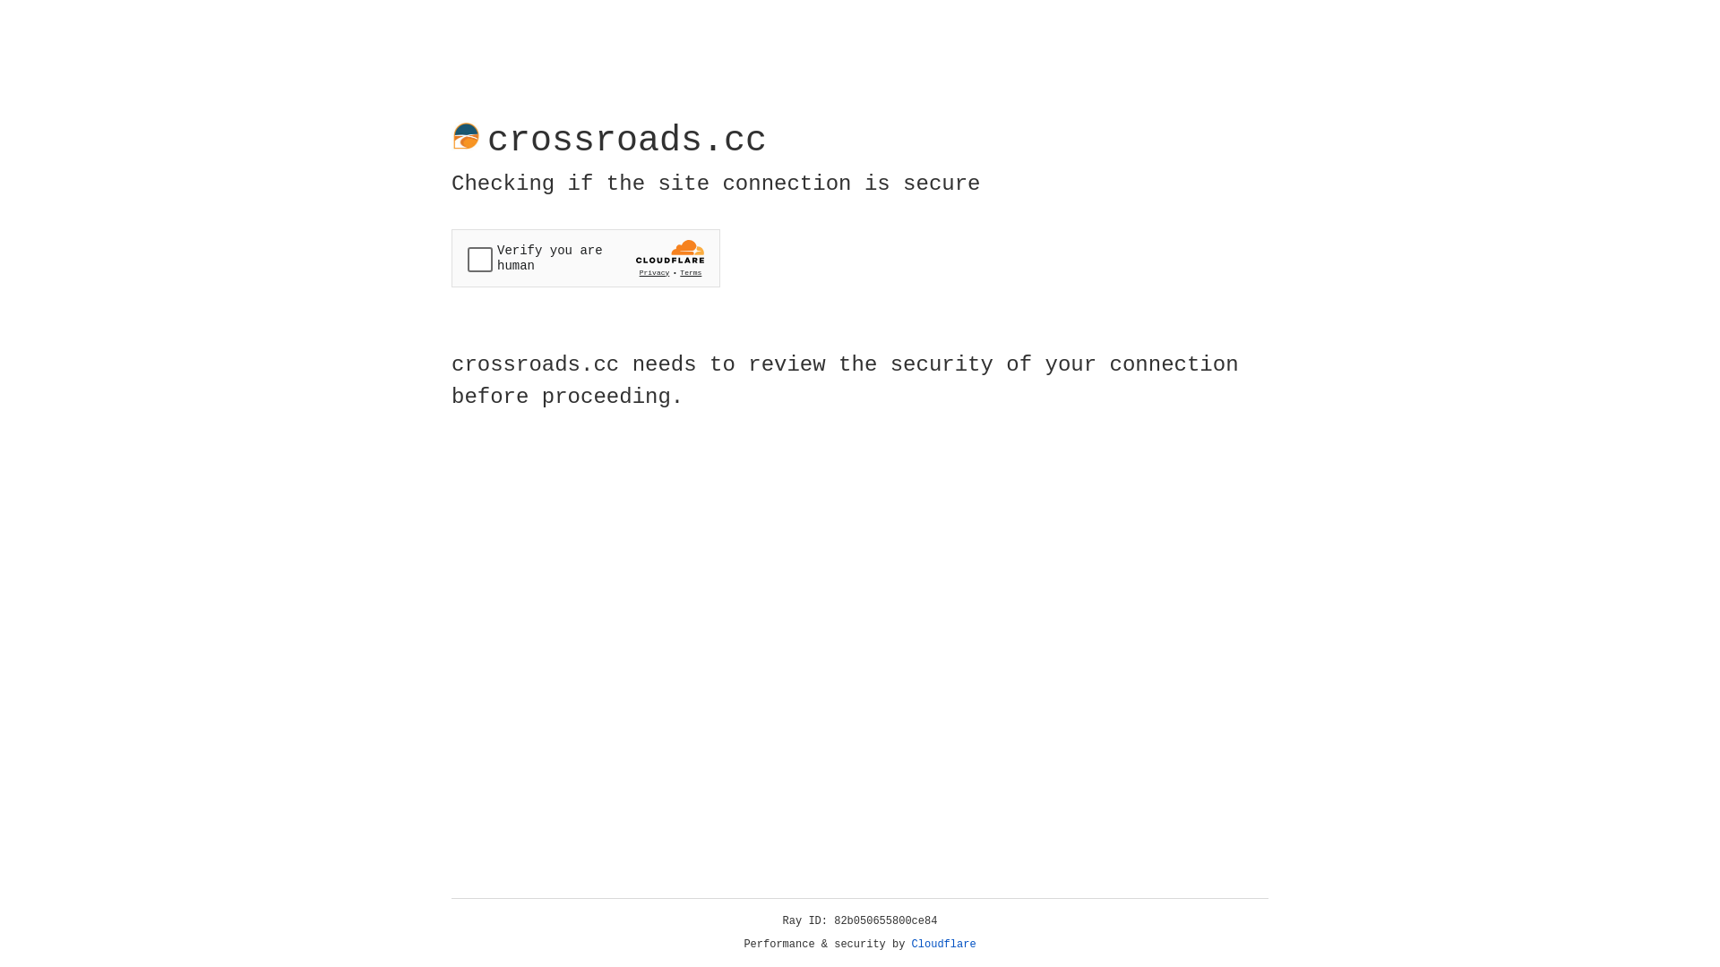 Image resolution: width=1720 pixels, height=967 pixels. I want to click on 'Cloudflare', so click(943, 944).